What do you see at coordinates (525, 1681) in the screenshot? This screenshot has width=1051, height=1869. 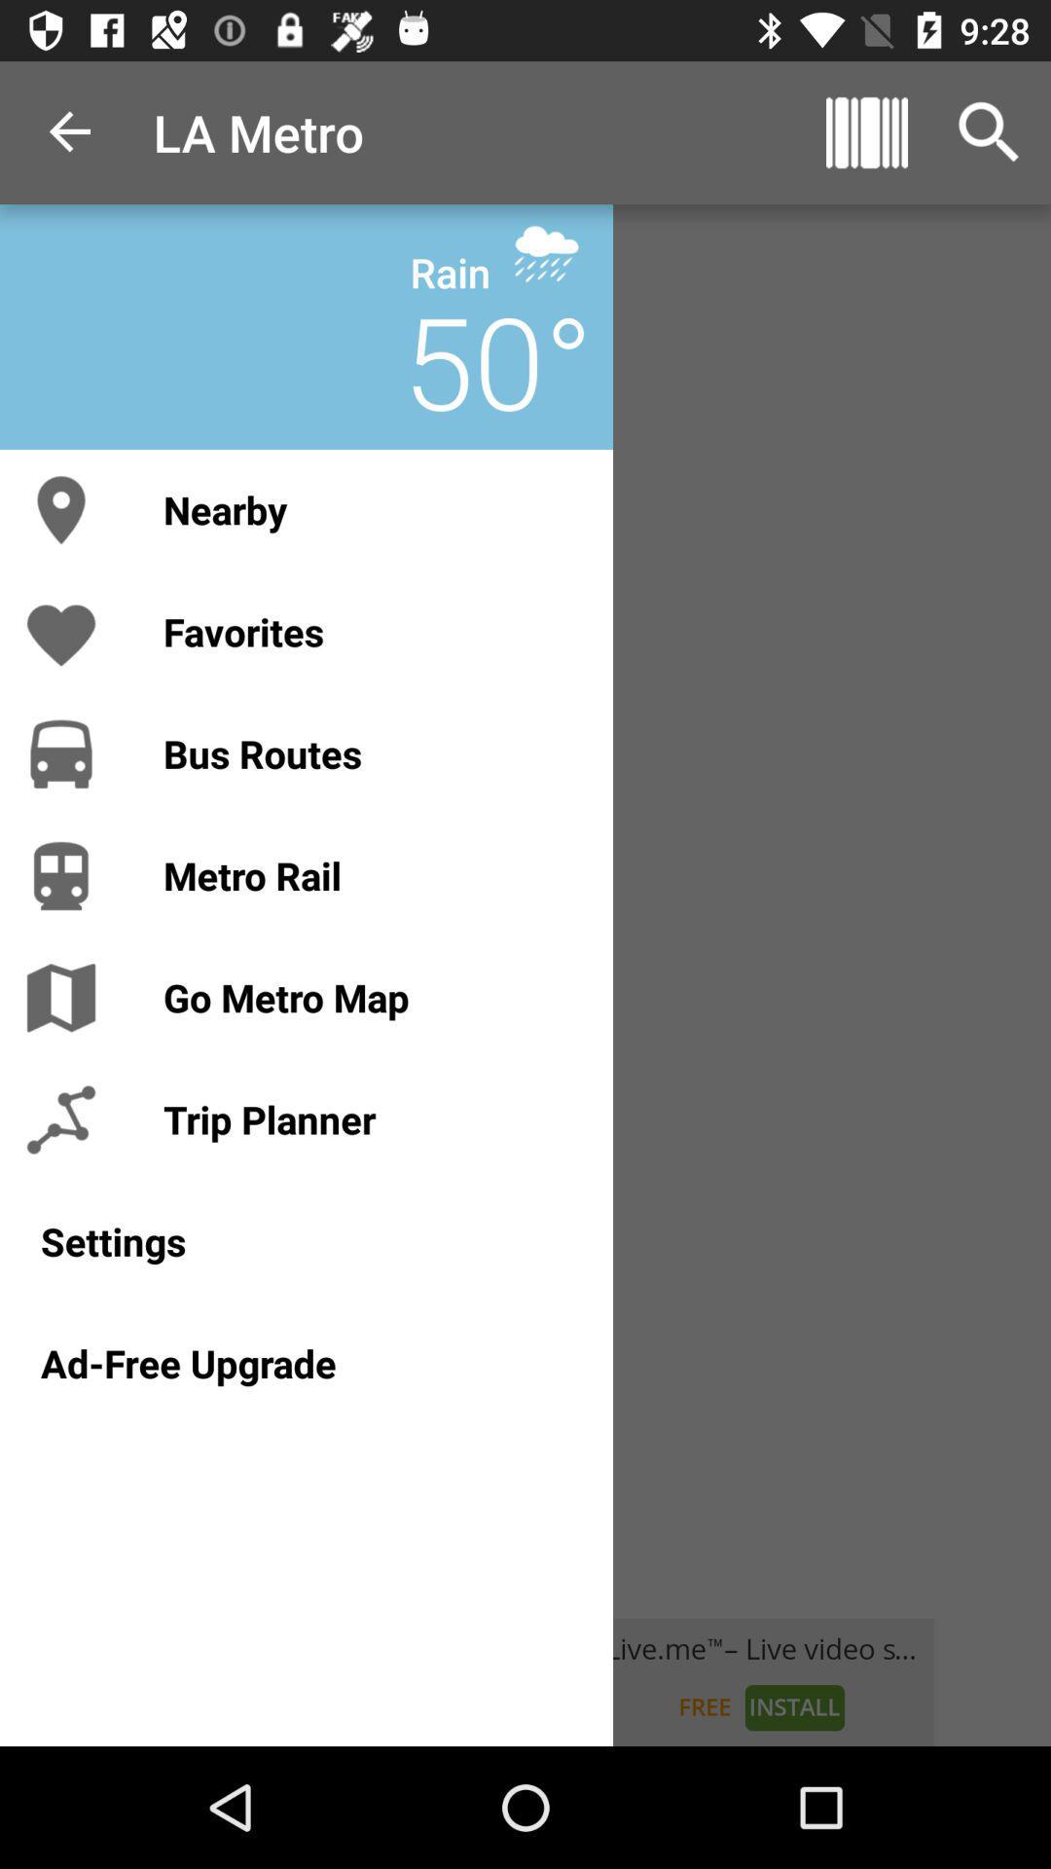 I see `advertisement banner` at bounding box center [525, 1681].